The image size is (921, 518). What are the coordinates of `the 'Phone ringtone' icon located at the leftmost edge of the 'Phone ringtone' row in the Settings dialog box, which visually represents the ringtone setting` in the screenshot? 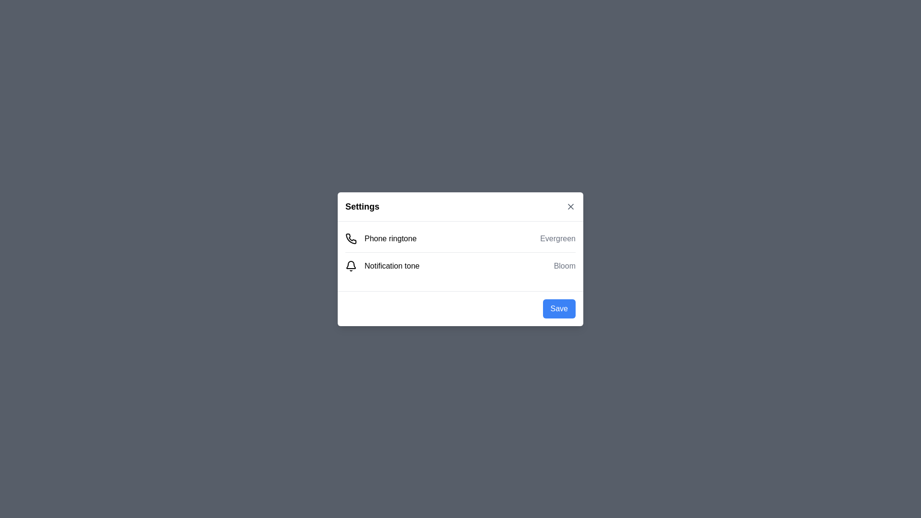 It's located at (351, 238).